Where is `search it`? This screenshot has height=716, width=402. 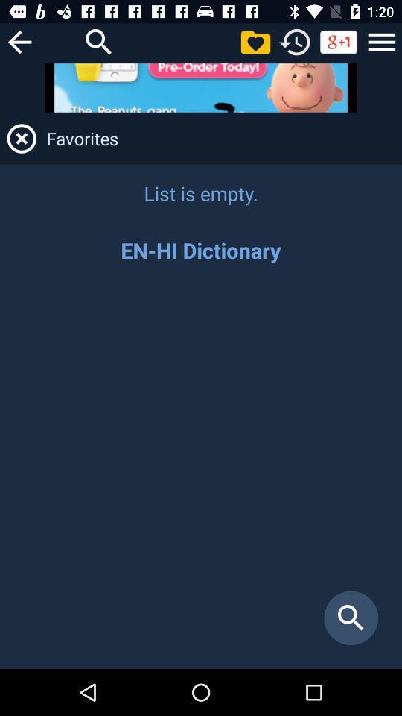 search it is located at coordinates (99, 41).